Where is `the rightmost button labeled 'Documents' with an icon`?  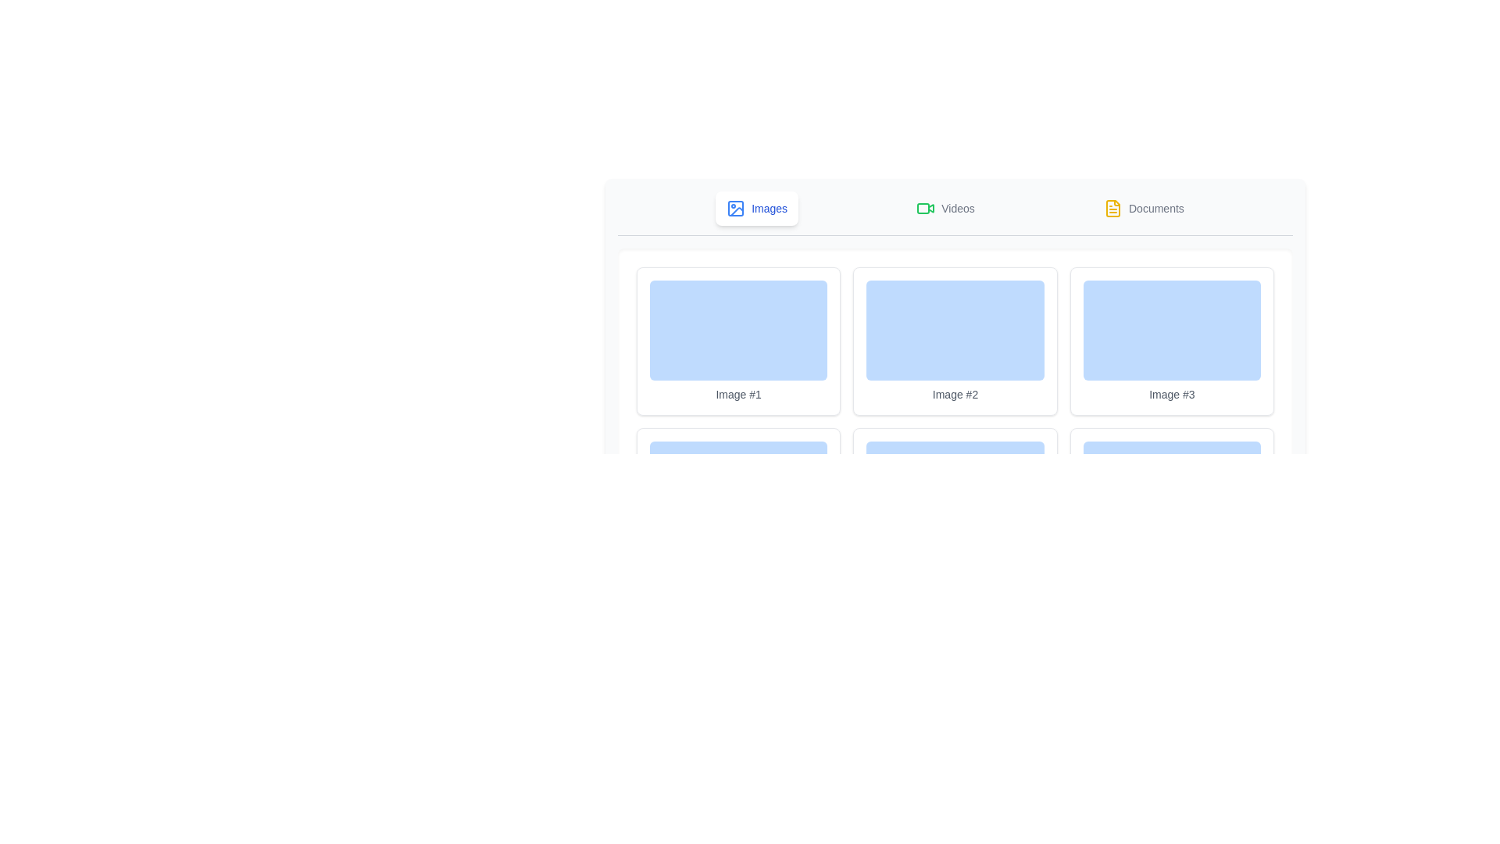
the rightmost button labeled 'Documents' with an icon is located at coordinates (1144, 207).